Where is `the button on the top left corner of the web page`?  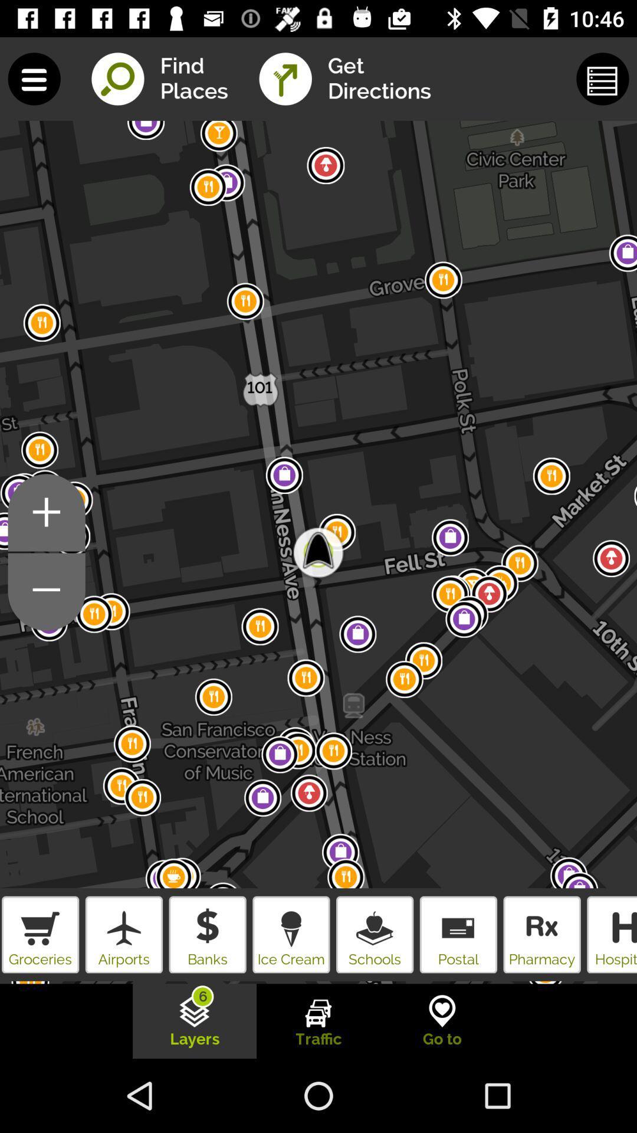
the button on the top left corner of the web page is located at coordinates (34, 78).